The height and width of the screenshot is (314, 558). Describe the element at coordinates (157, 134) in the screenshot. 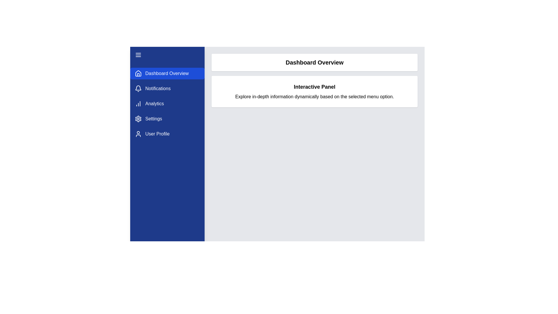

I see `text from the 'User Profile' label, which is styled in white bold text on a dark blue background, located at the bottom of the vertical navigation menu` at that location.